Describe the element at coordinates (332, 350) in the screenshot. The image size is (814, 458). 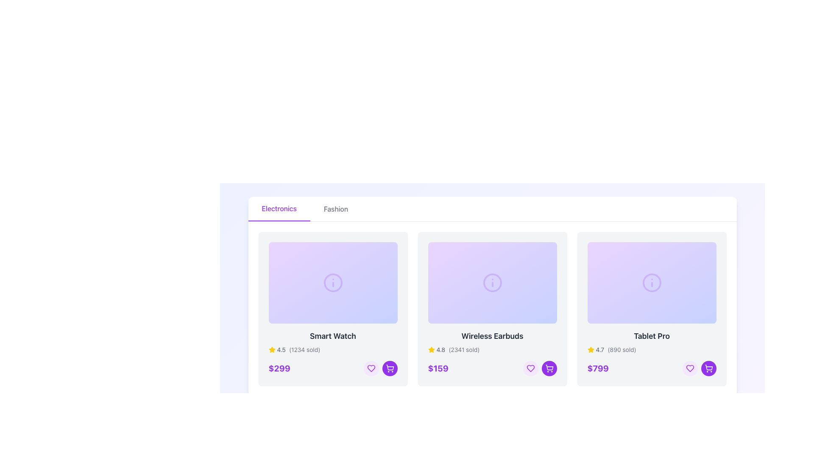
I see `the Rating information display for the product 'Smart Watch', which shows a user rating of 4.5 out of 5 stars and 1234 units sold` at that location.